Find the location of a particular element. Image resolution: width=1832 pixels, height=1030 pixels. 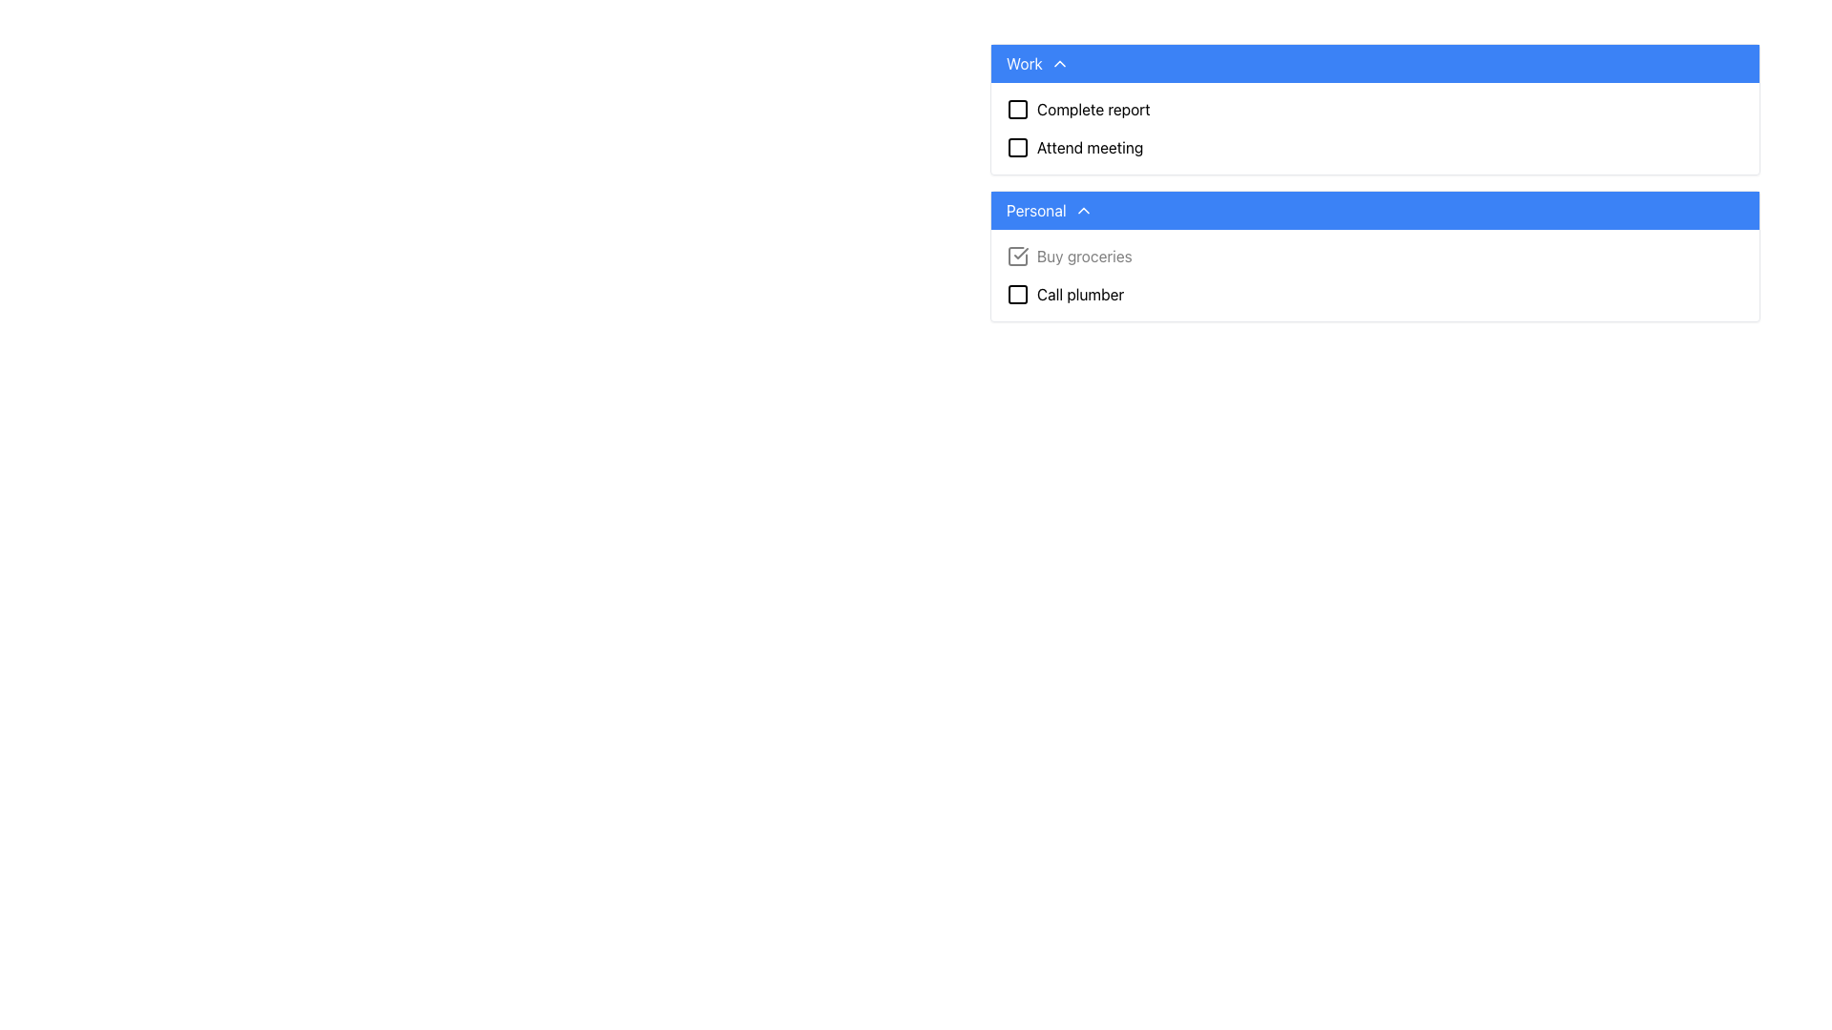

the static text label indicating the action 'Buy groceries' in the 'Personal' section of the to-do list is located at coordinates (1084, 256).